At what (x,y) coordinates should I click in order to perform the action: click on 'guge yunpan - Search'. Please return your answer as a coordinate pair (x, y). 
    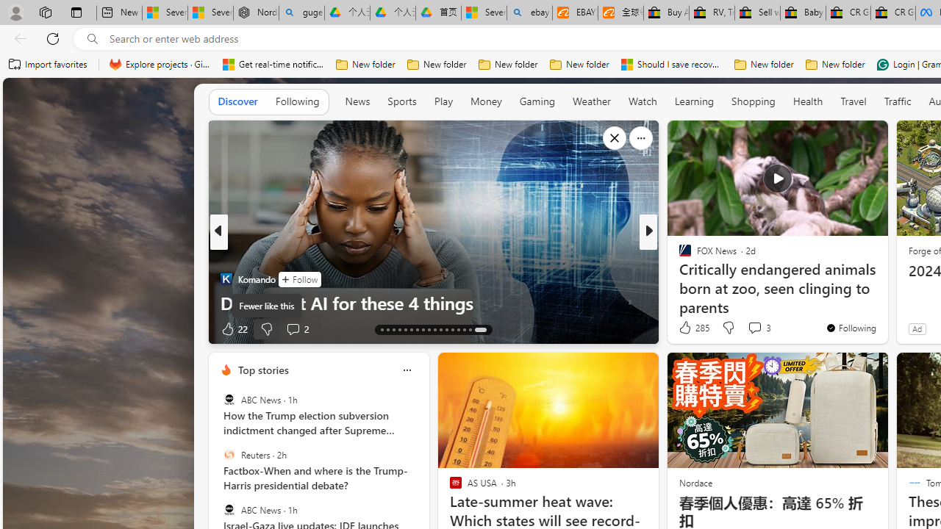
    Looking at the image, I should click on (301, 12).